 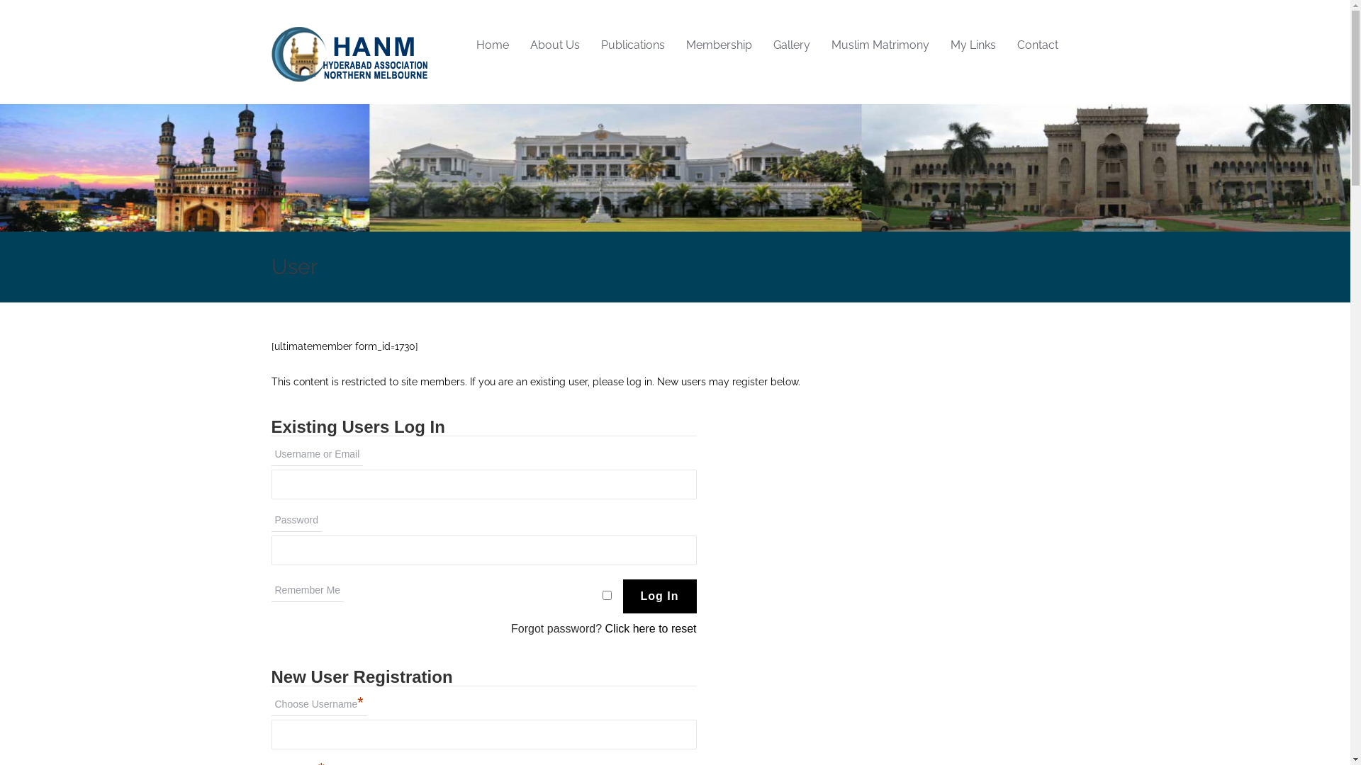 I want to click on 'Publications', so click(x=589, y=45).